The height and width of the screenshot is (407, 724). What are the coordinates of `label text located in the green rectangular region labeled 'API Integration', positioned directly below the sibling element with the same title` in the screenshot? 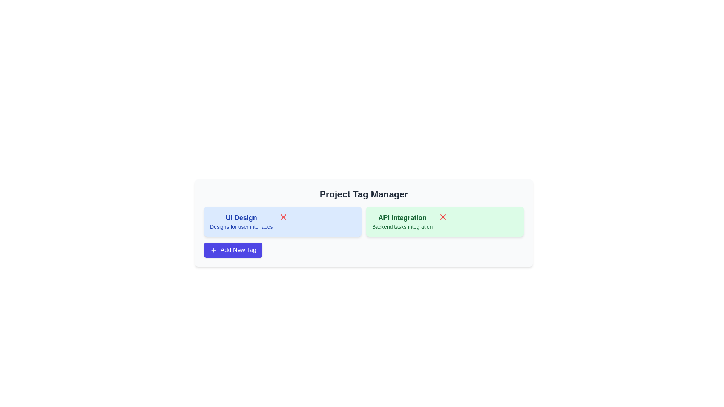 It's located at (402, 226).